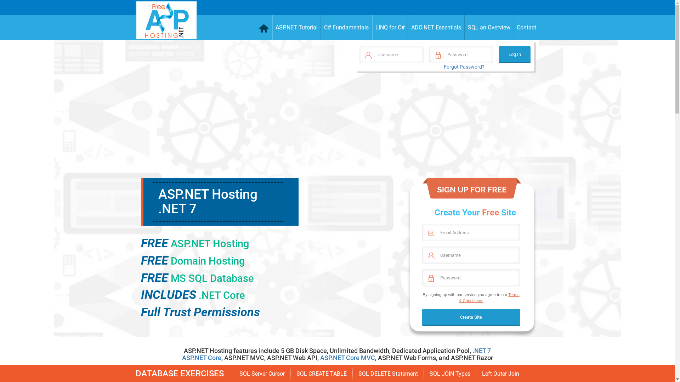 This screenshot has width=680, height=382. What do you see at coordinates (182, 358) in the screenshot?
I see `'ASP.NET Core'` at bounding box center [182, 358].